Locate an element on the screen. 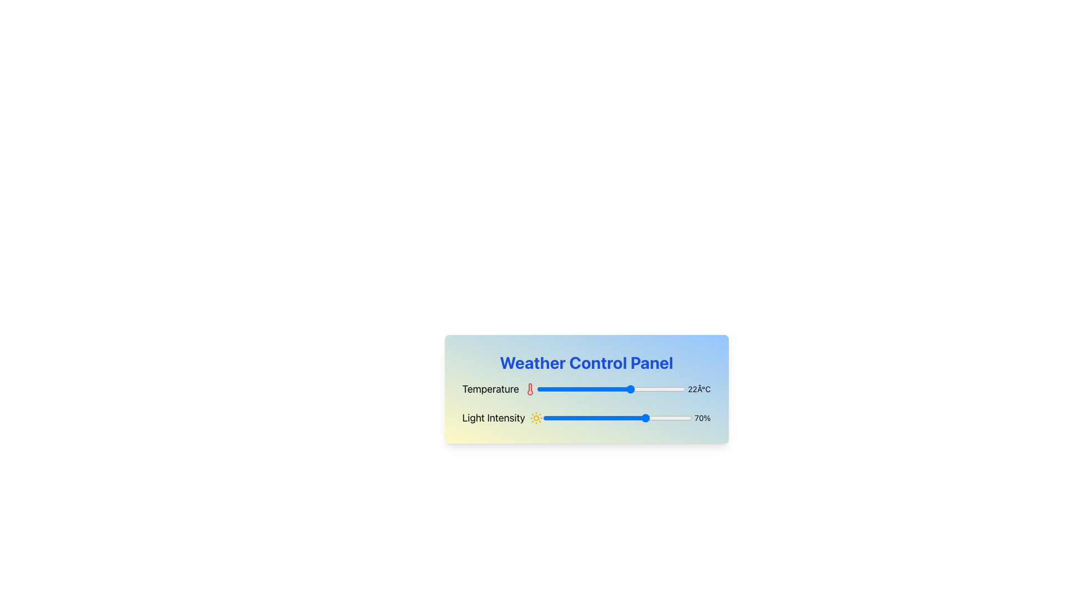  the temperature slider is located at coordinates (611, 389).